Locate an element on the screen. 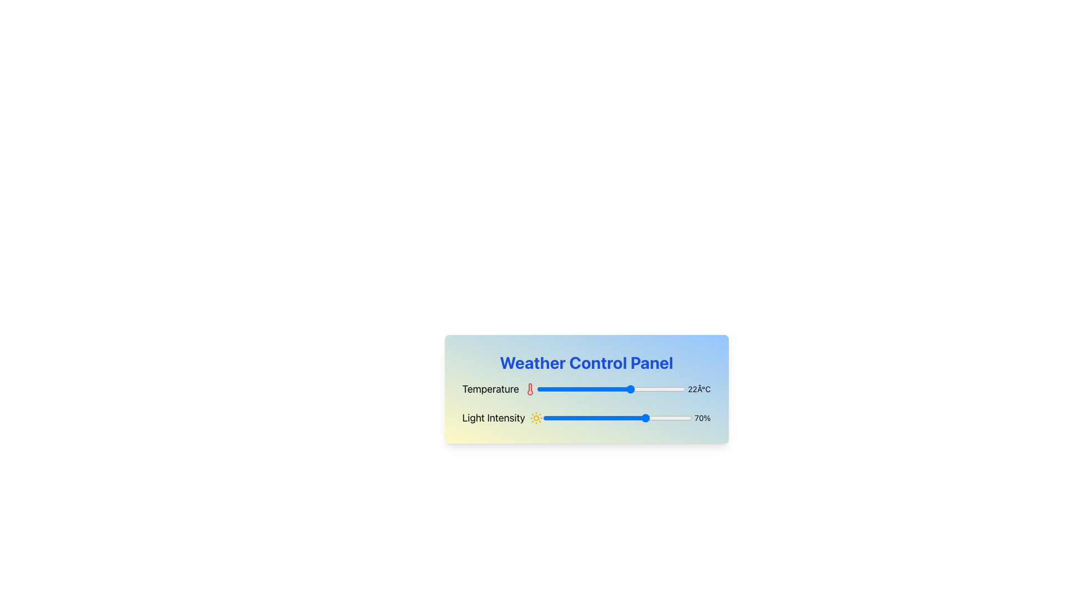  the temperature slider is located at coordinates (611, 389).